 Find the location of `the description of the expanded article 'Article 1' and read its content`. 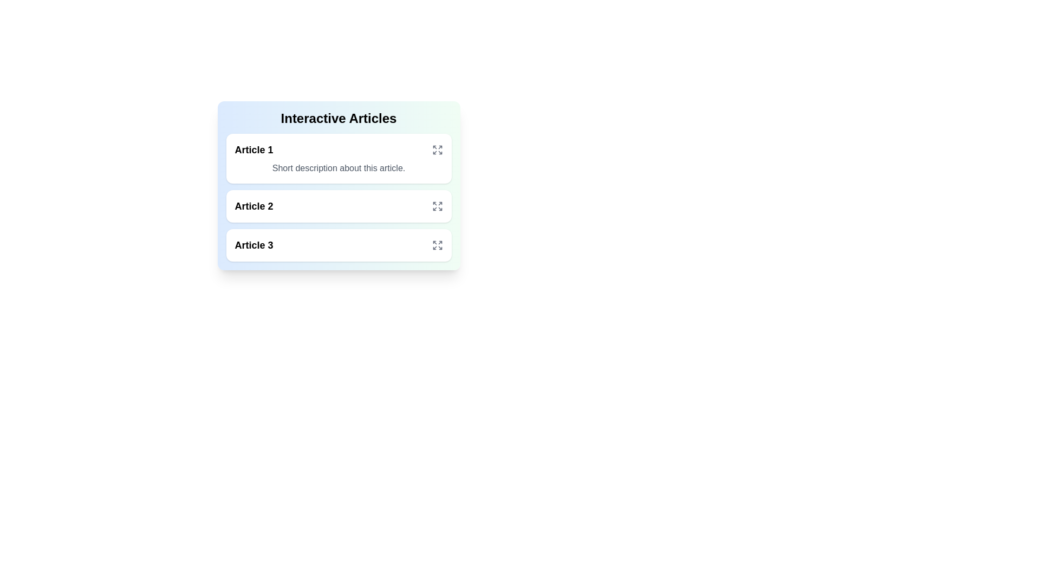

the description of the expanded article 'Article 1' and read its content is located at coordinates (338, 168).